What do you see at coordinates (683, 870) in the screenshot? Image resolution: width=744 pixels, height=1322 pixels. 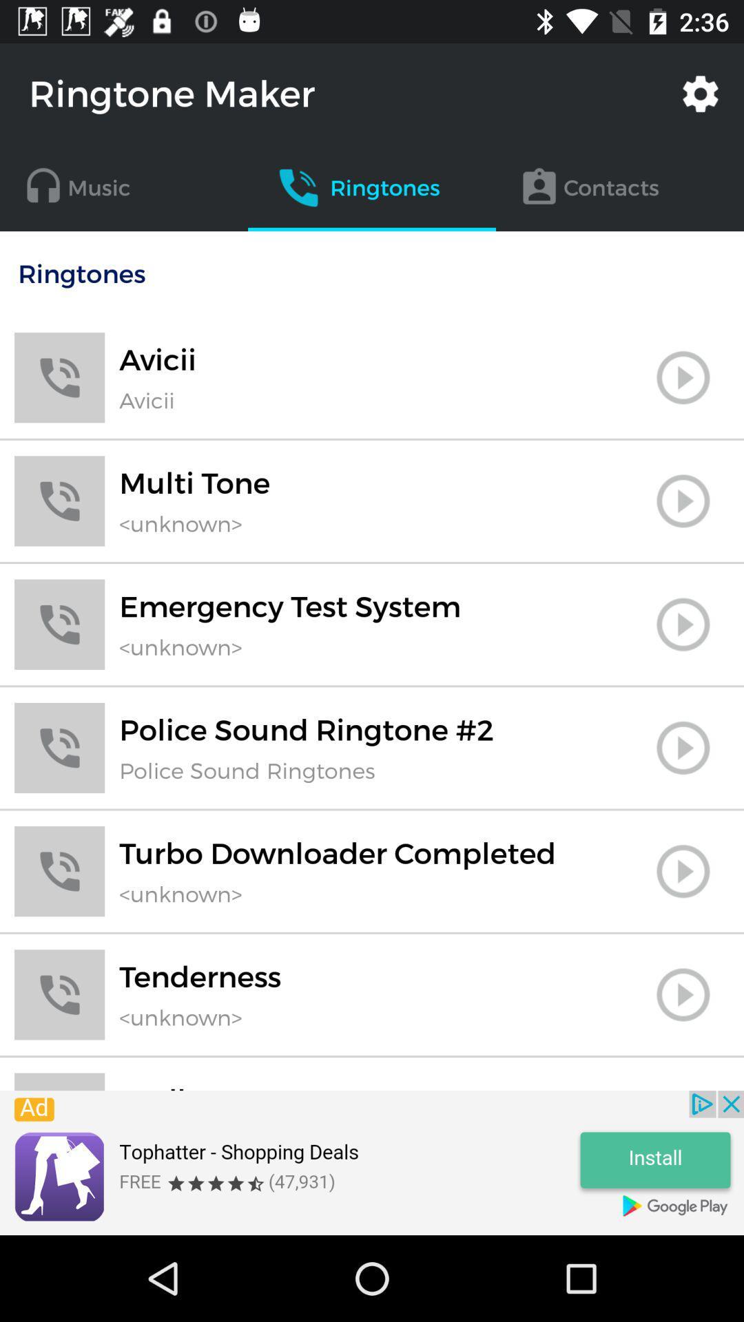 I see `ringtone` at bounding box center [683, 870].